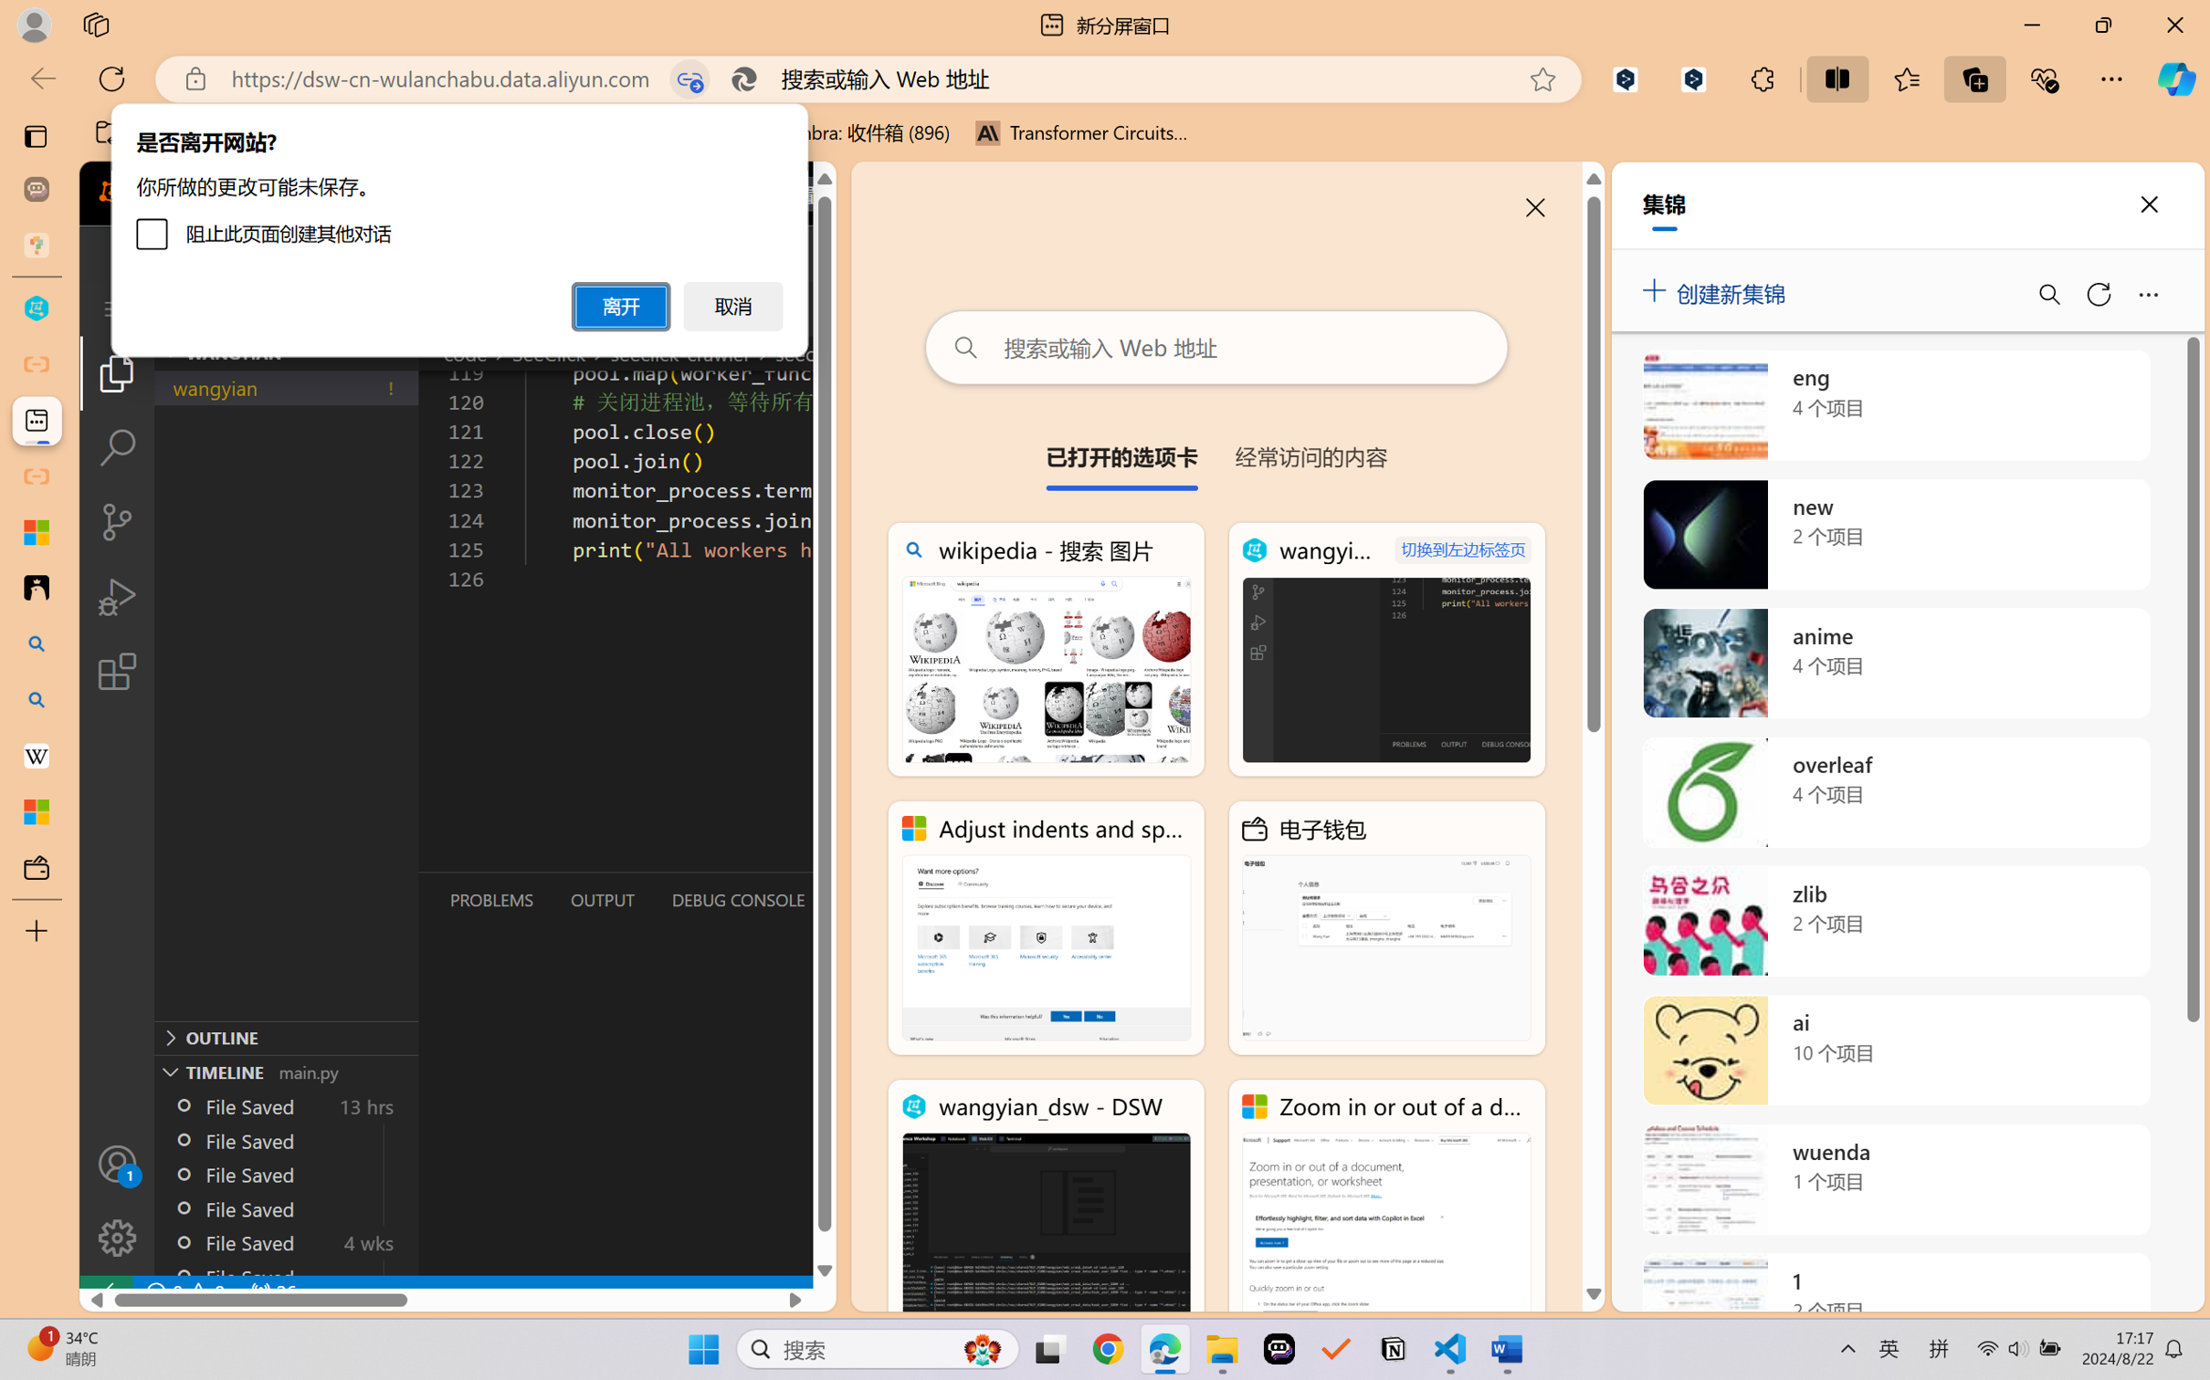  What do you see at coordinates (1081, 132) in the screenshot?
I see `'Transformer Circuits Thread'` at bounding box center [1081, 132].